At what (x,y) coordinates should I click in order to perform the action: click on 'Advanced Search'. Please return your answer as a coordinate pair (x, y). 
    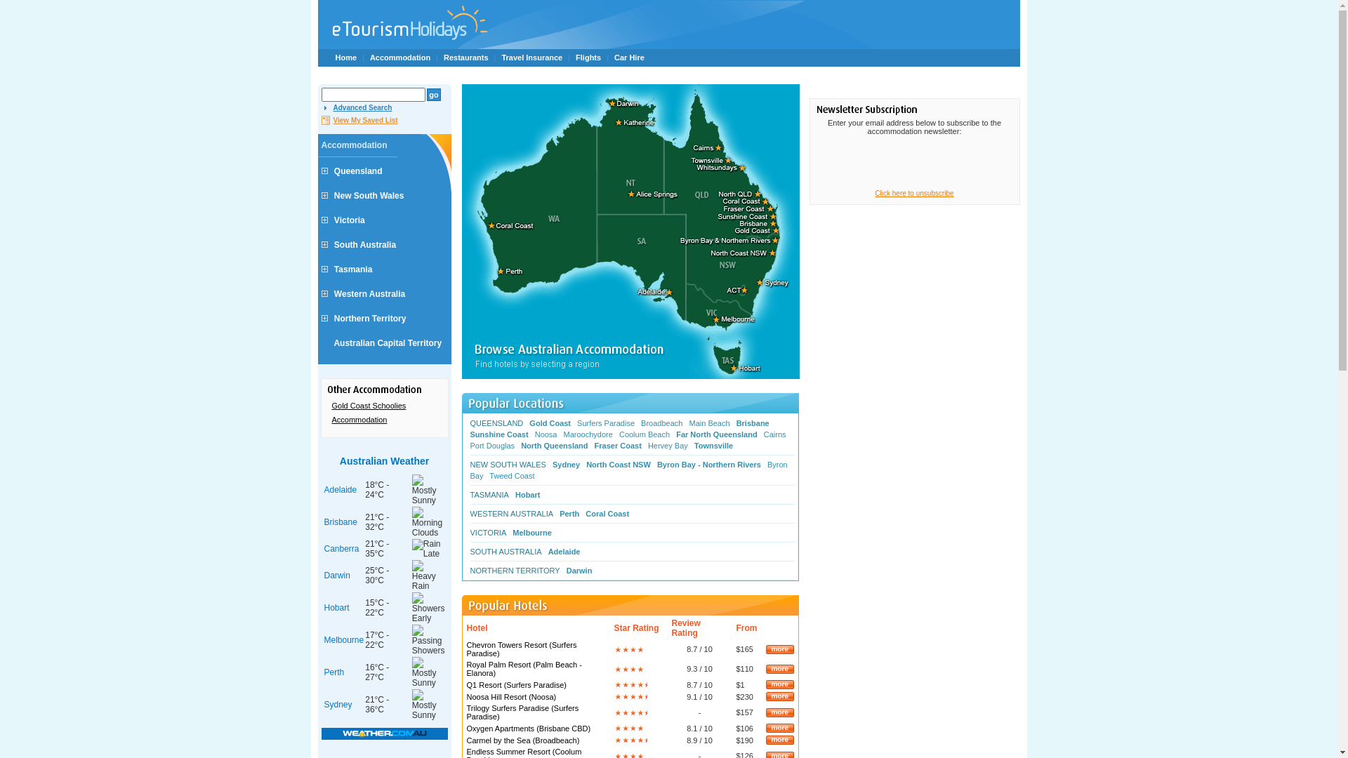
    Looking at the image, I should click on (357, 107).